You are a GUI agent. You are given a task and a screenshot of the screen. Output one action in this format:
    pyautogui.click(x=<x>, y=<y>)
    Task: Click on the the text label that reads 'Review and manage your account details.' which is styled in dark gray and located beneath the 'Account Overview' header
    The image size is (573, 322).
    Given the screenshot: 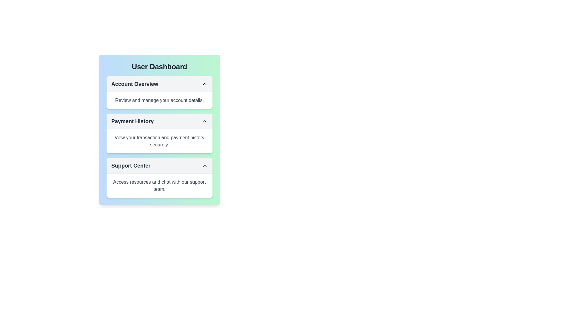 What is the action you would take?
    pyautogui.click(x=159, y=100)
    